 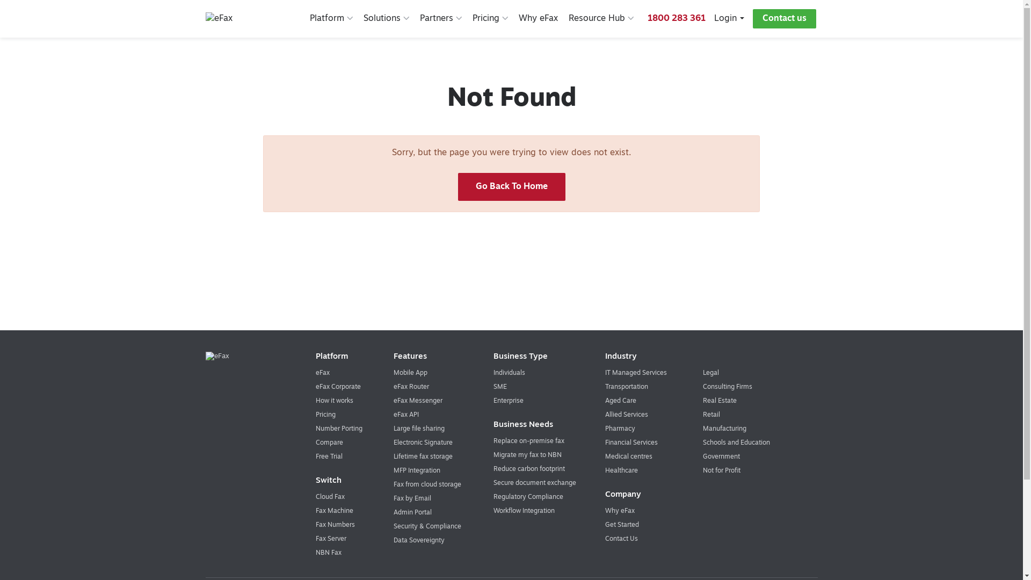 What do you see at coordinates (621, 401) in the screenshot?
I see `'Aged Care'` at bounding box center [621, 401].